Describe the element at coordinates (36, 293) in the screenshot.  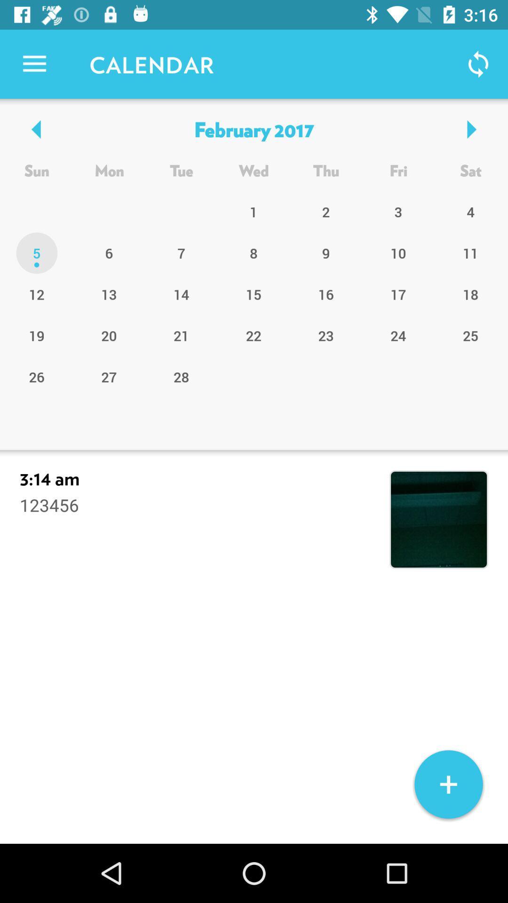
I see `the item next to the 6 item` at that location.